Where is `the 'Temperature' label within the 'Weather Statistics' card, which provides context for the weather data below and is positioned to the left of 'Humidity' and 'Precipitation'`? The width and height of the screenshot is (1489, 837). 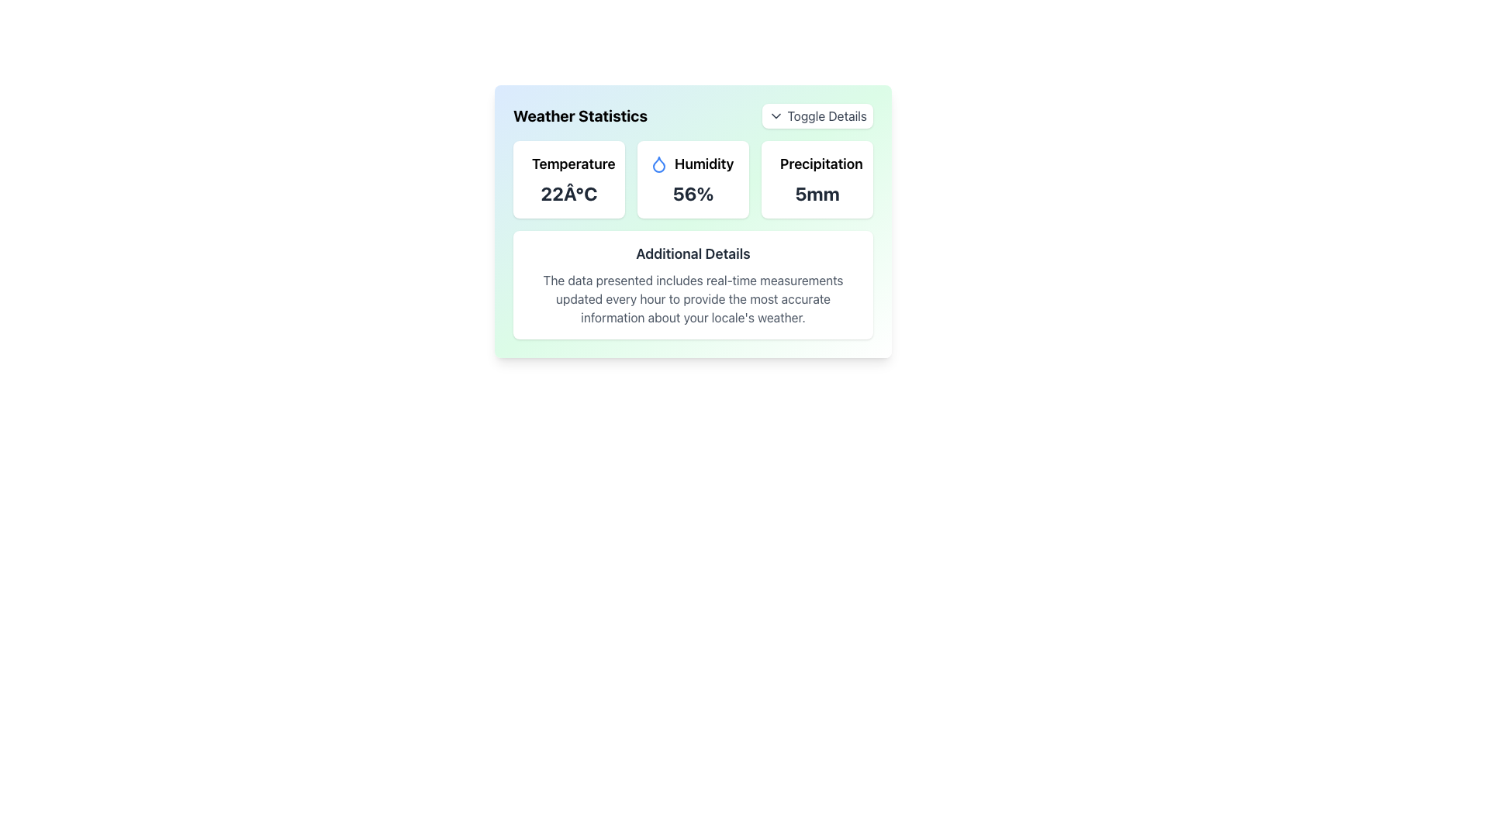
the 'Temperature' label within the 'Weather Statistics' card, which provides context for the weather data below and is positioned to the left of 'Humidity' and 'Precipitation' is located at coordinates (572, 164).